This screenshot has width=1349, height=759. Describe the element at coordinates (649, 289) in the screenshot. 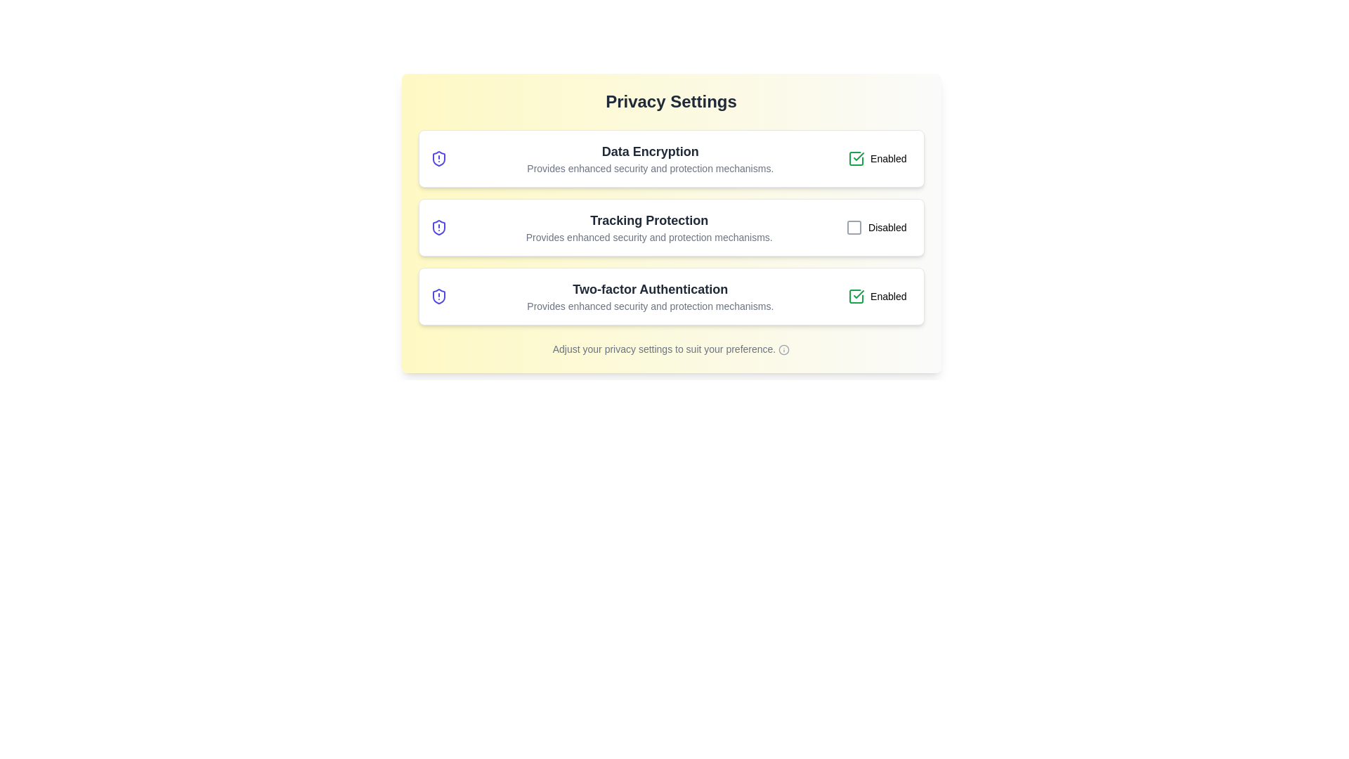

I see `the primary title label in the 'Two-factor Authentication' section of the Privacy Settings interface, which describes the feature` at that location.